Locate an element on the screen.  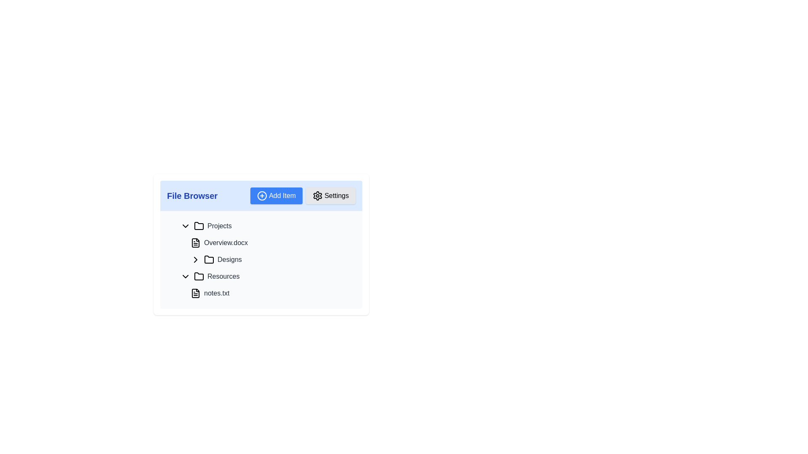
the folder icon representing the 'Resources' category in the file management system, located slightly above the 'notes.txt' entry is located at coordinates (199, 276).